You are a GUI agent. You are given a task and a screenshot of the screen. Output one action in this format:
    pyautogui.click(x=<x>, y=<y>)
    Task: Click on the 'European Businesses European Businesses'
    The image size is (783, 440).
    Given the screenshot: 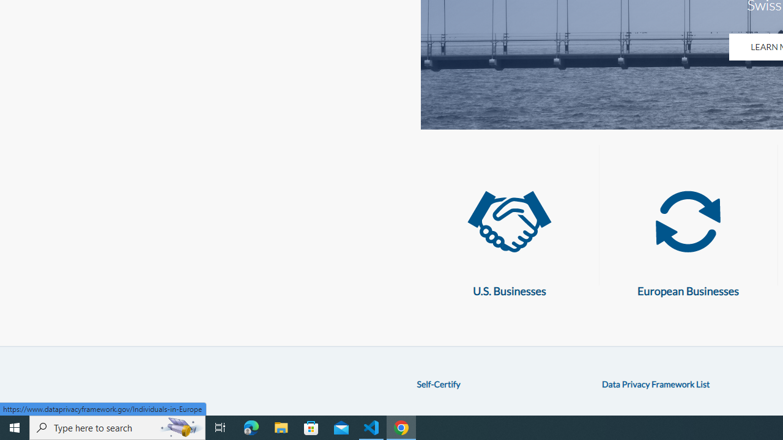 What is the action you would take?
    pyautogui.click(x=688, y=238)
    